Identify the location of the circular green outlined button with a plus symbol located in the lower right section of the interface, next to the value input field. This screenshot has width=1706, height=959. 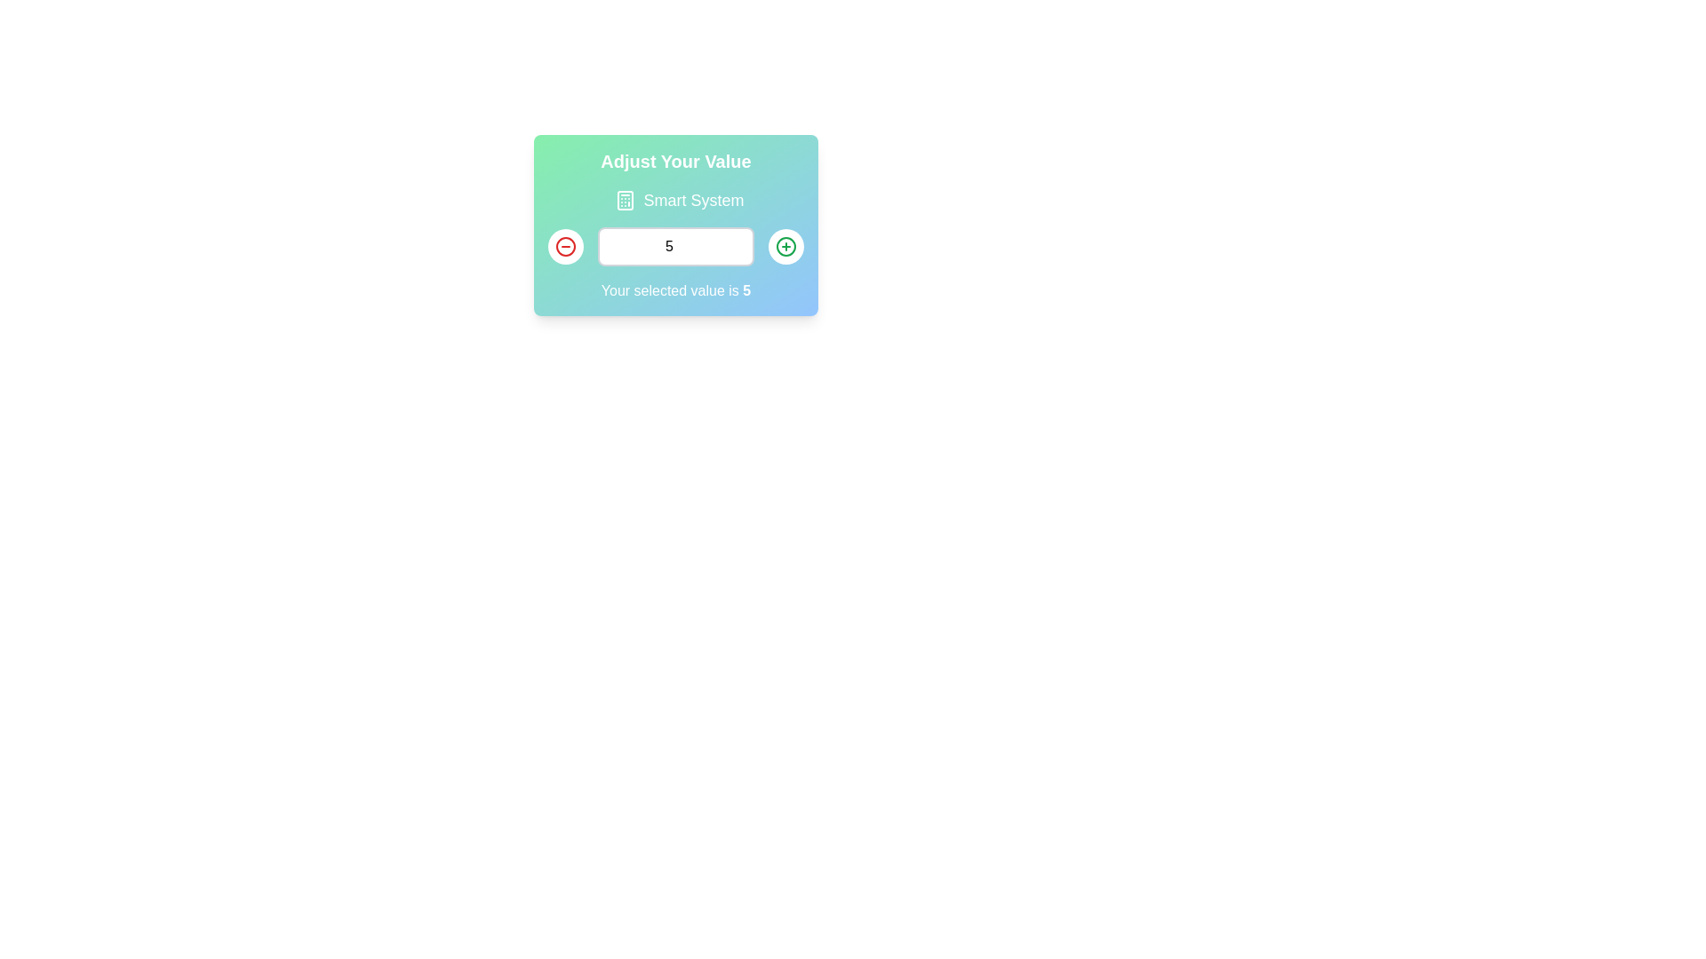
(785, 246).